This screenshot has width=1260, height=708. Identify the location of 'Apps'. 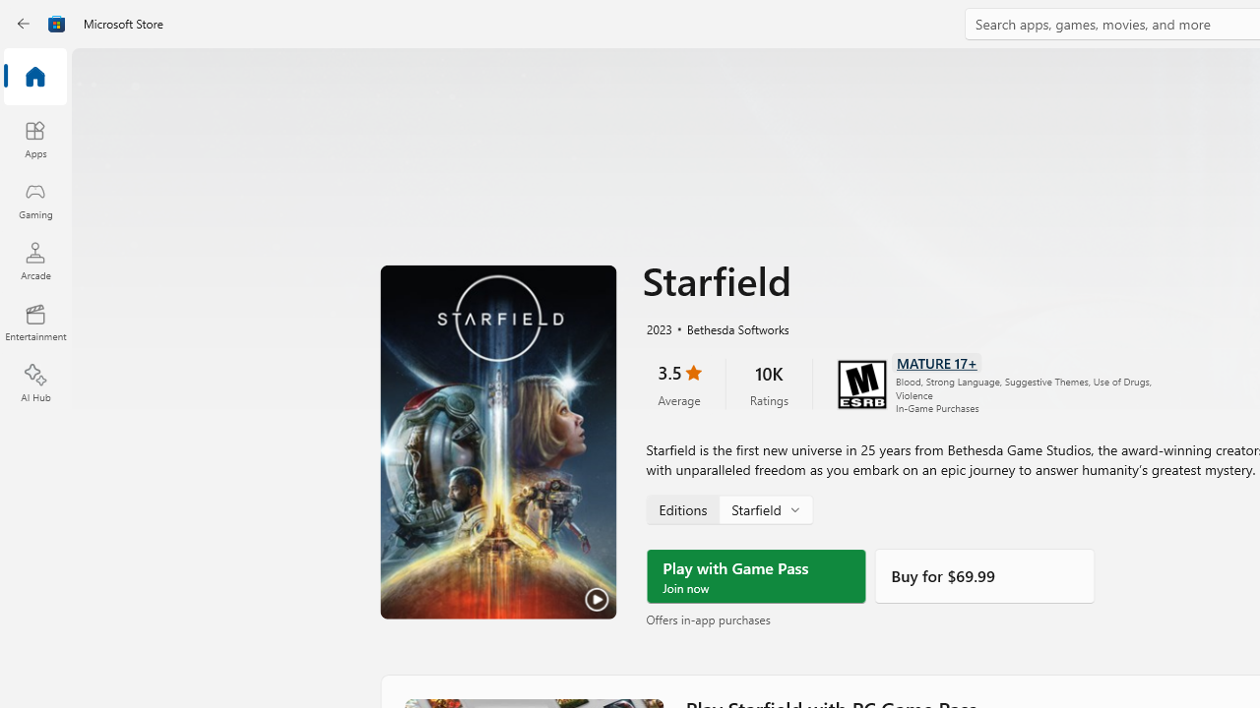
(34, 138).